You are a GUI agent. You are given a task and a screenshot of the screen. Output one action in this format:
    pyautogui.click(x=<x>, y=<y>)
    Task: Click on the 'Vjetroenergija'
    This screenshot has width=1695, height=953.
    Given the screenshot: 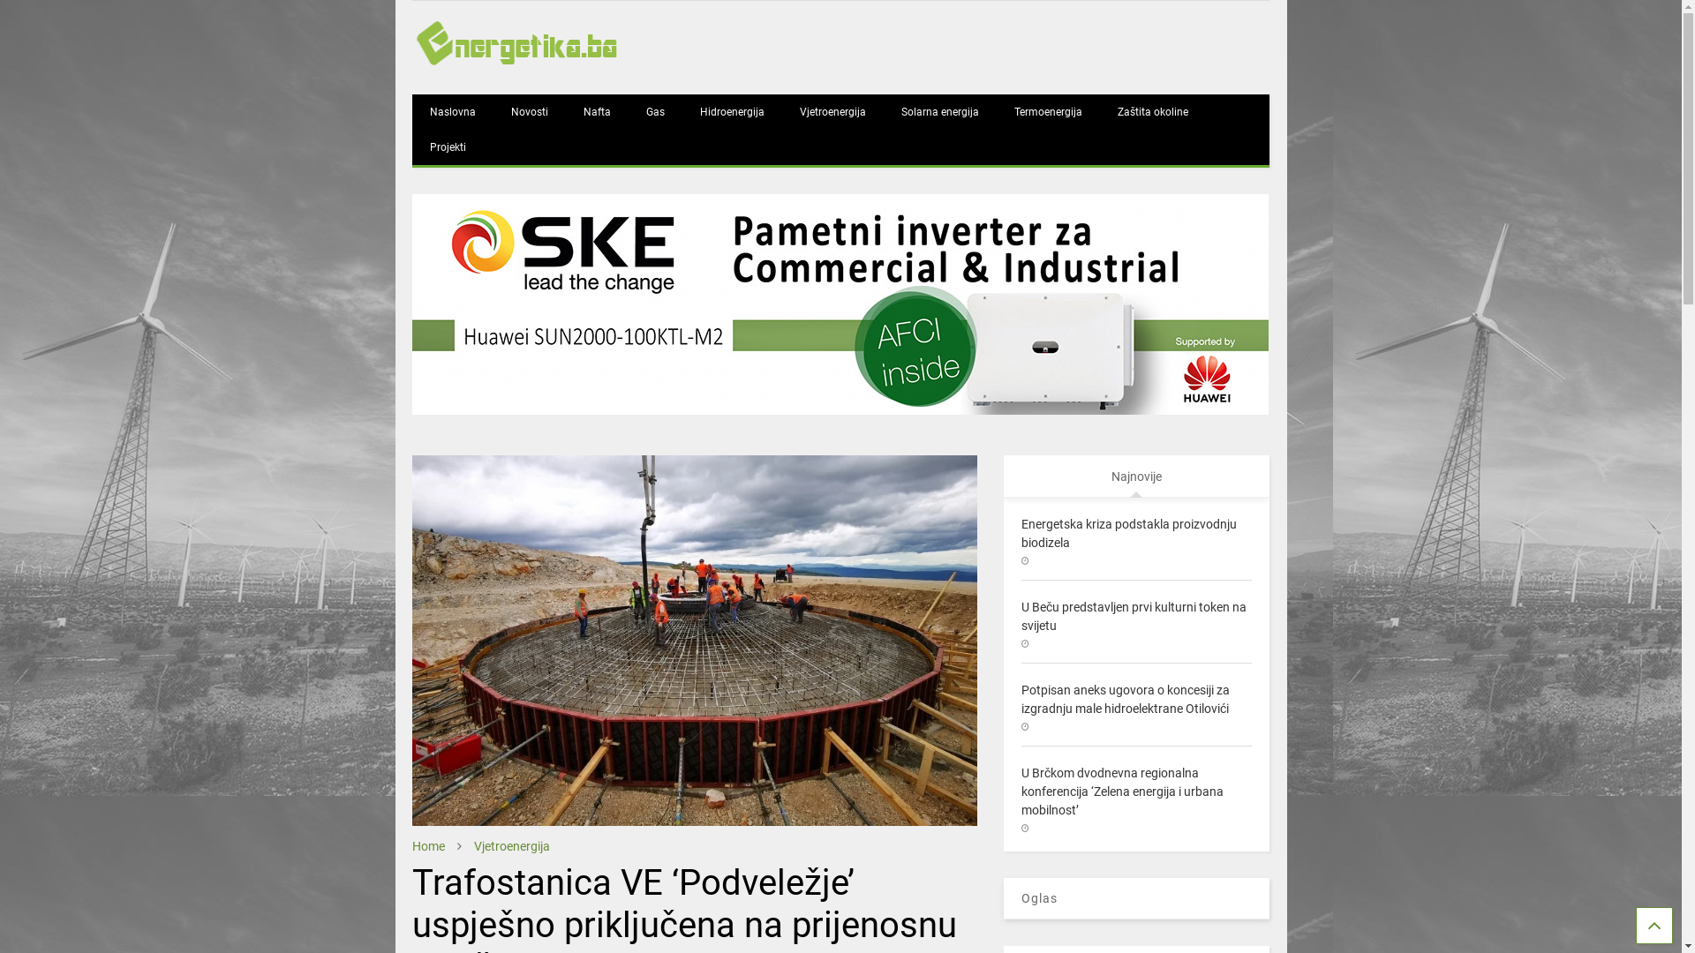 What is the action you would take?
    pyautogui.click(x=781, y=112)
    